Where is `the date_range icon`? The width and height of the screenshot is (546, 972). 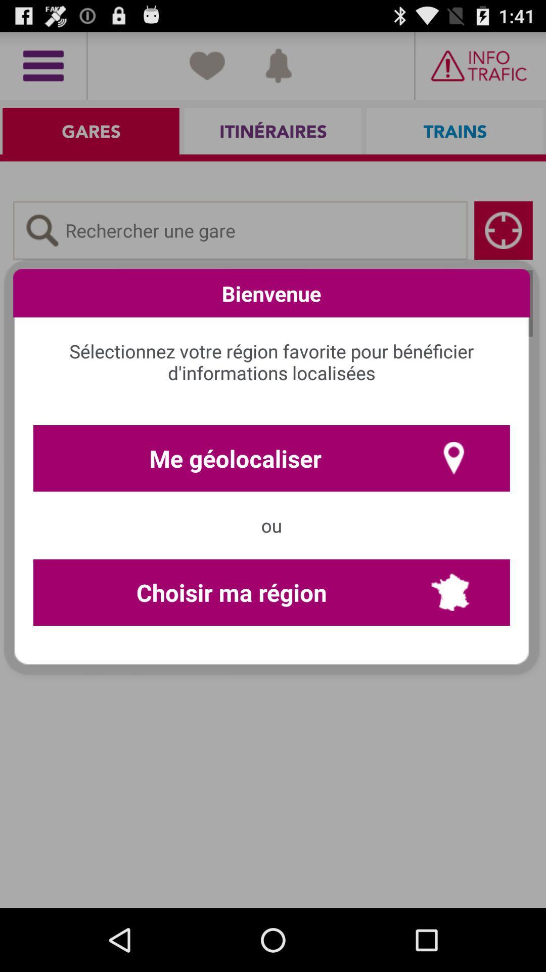 the date_range icon is located at coordinates (479, 70).